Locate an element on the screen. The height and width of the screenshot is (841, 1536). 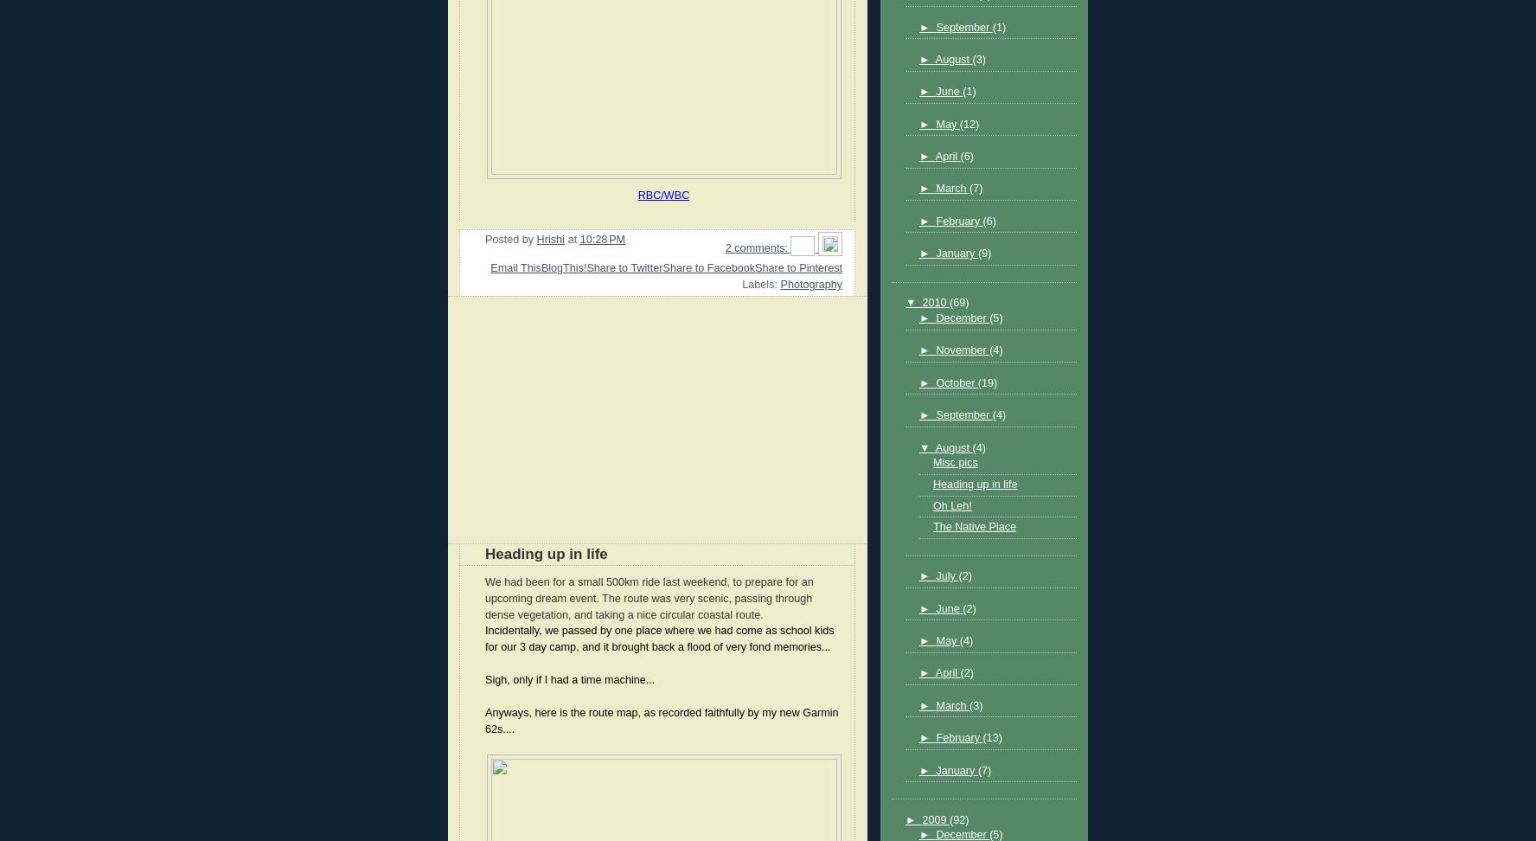
'(5)' is located at coordinates (995, 318).